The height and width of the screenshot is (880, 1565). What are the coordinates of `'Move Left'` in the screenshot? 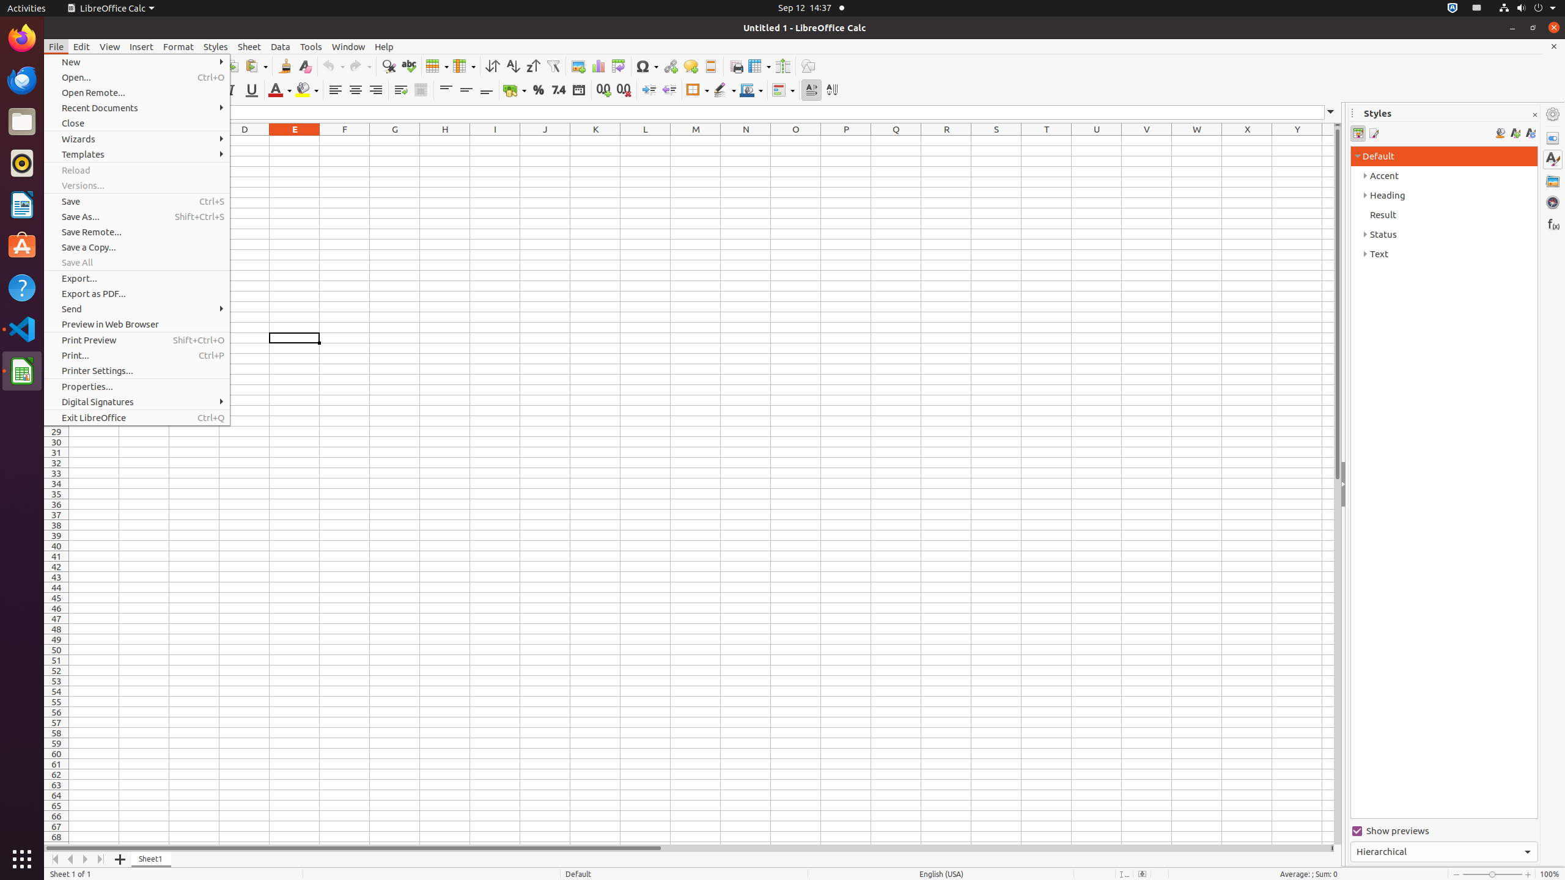 It's located at (70, 859).